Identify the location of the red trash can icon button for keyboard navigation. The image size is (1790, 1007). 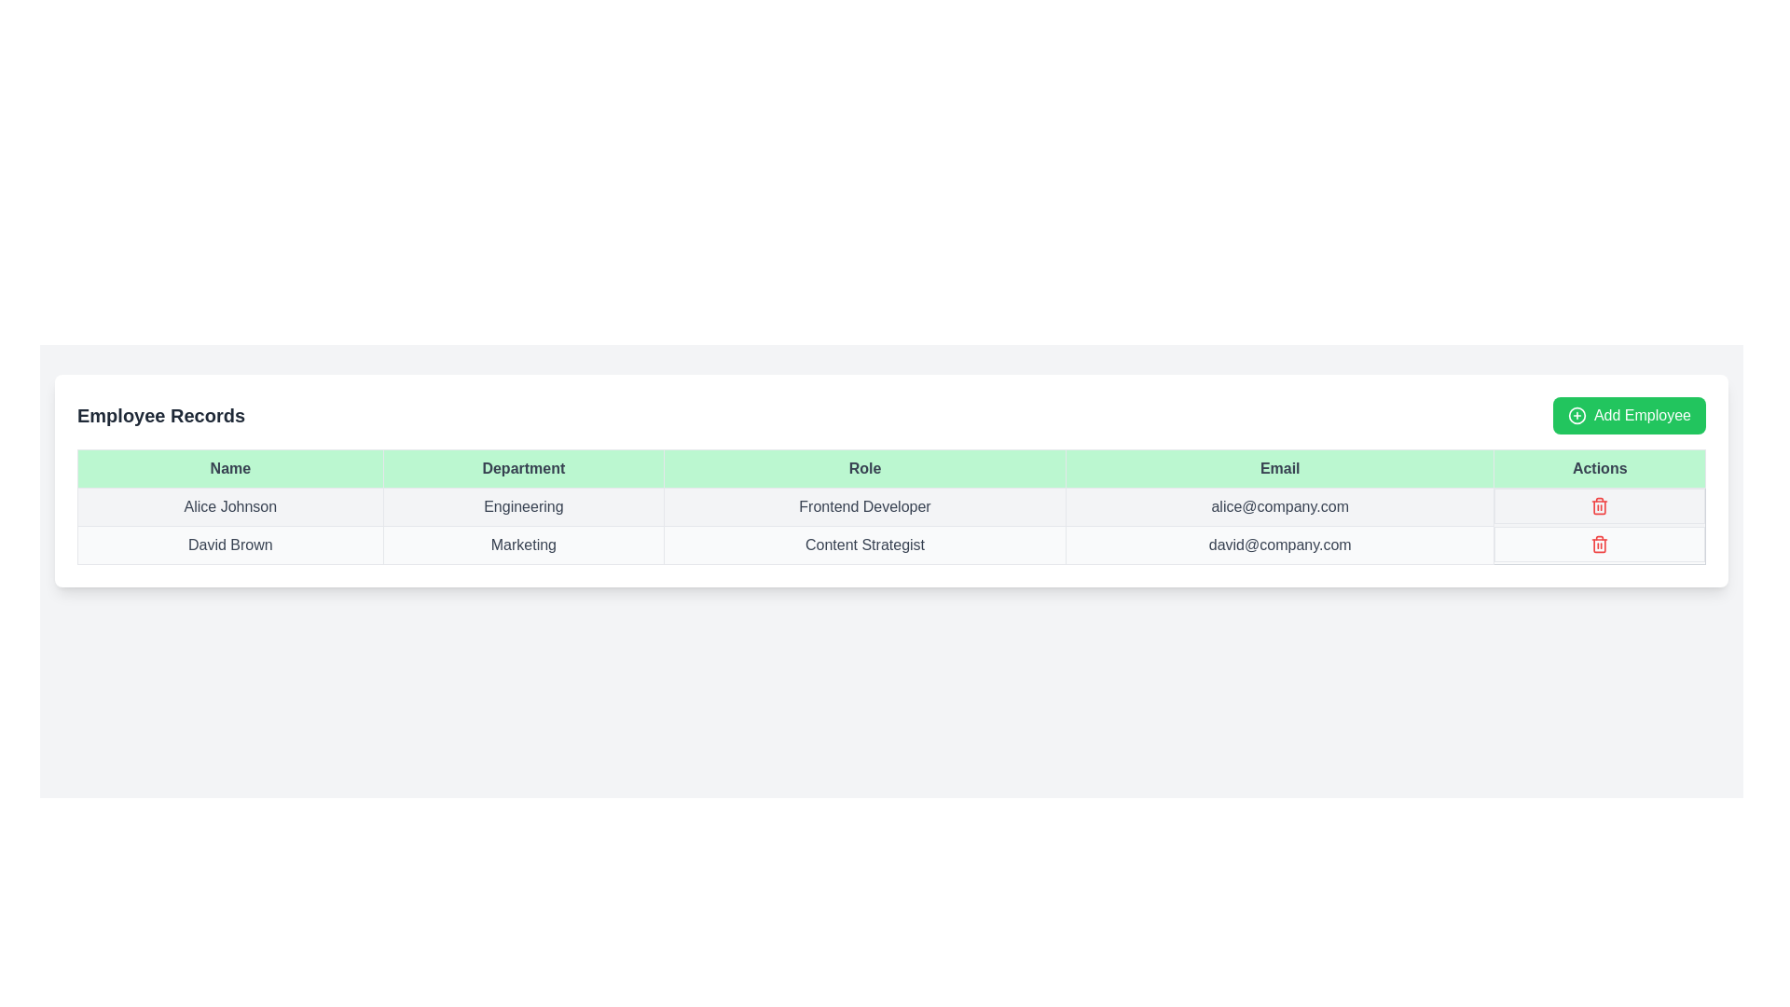
(1599, 506).